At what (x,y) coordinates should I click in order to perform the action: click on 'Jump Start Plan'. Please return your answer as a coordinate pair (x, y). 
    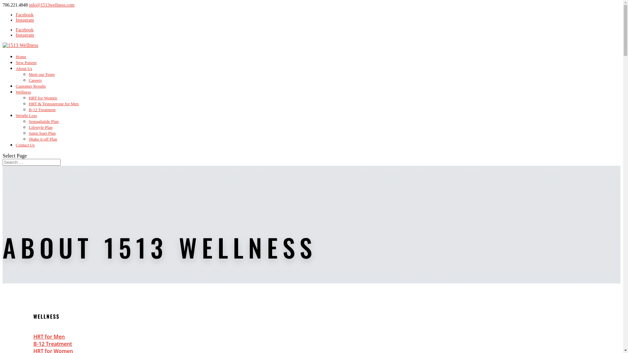
    Looking at the image, I should click on (42, 133).